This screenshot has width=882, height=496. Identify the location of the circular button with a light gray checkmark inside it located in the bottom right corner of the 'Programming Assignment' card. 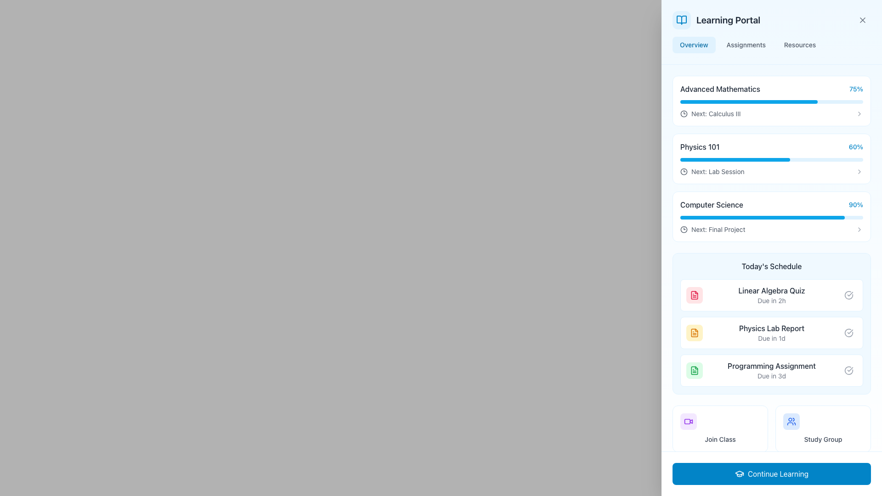
(848, 370).